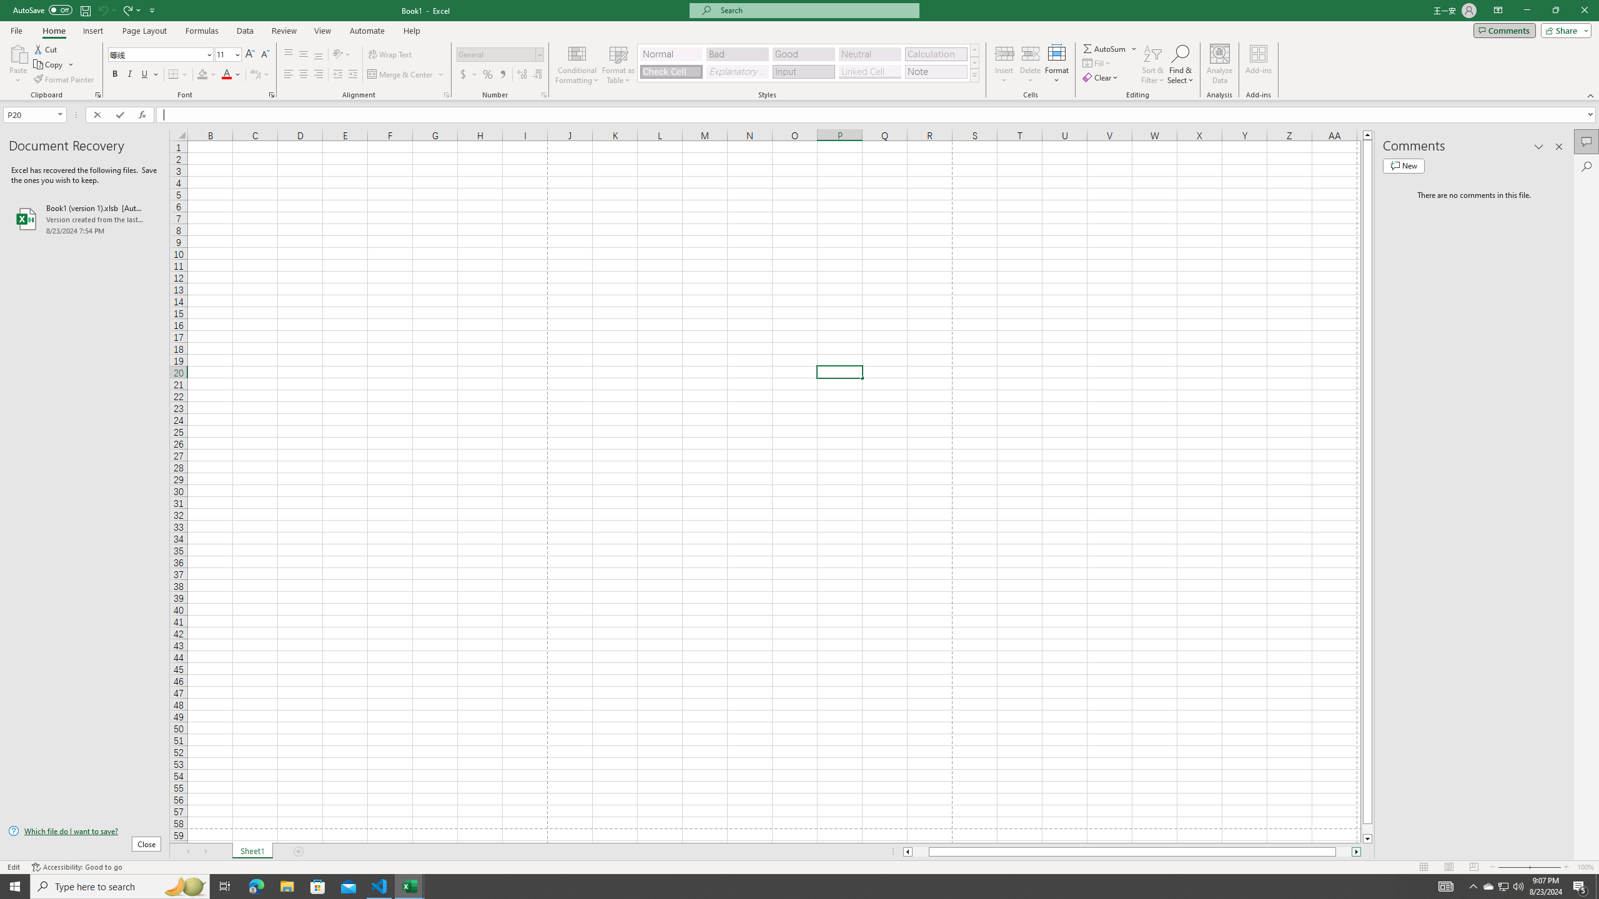 This screenshot has height=899, width=1599. Describe the element at coordinates (974, 74) in the screenshot. I see `'Cell Styles'` at that location.